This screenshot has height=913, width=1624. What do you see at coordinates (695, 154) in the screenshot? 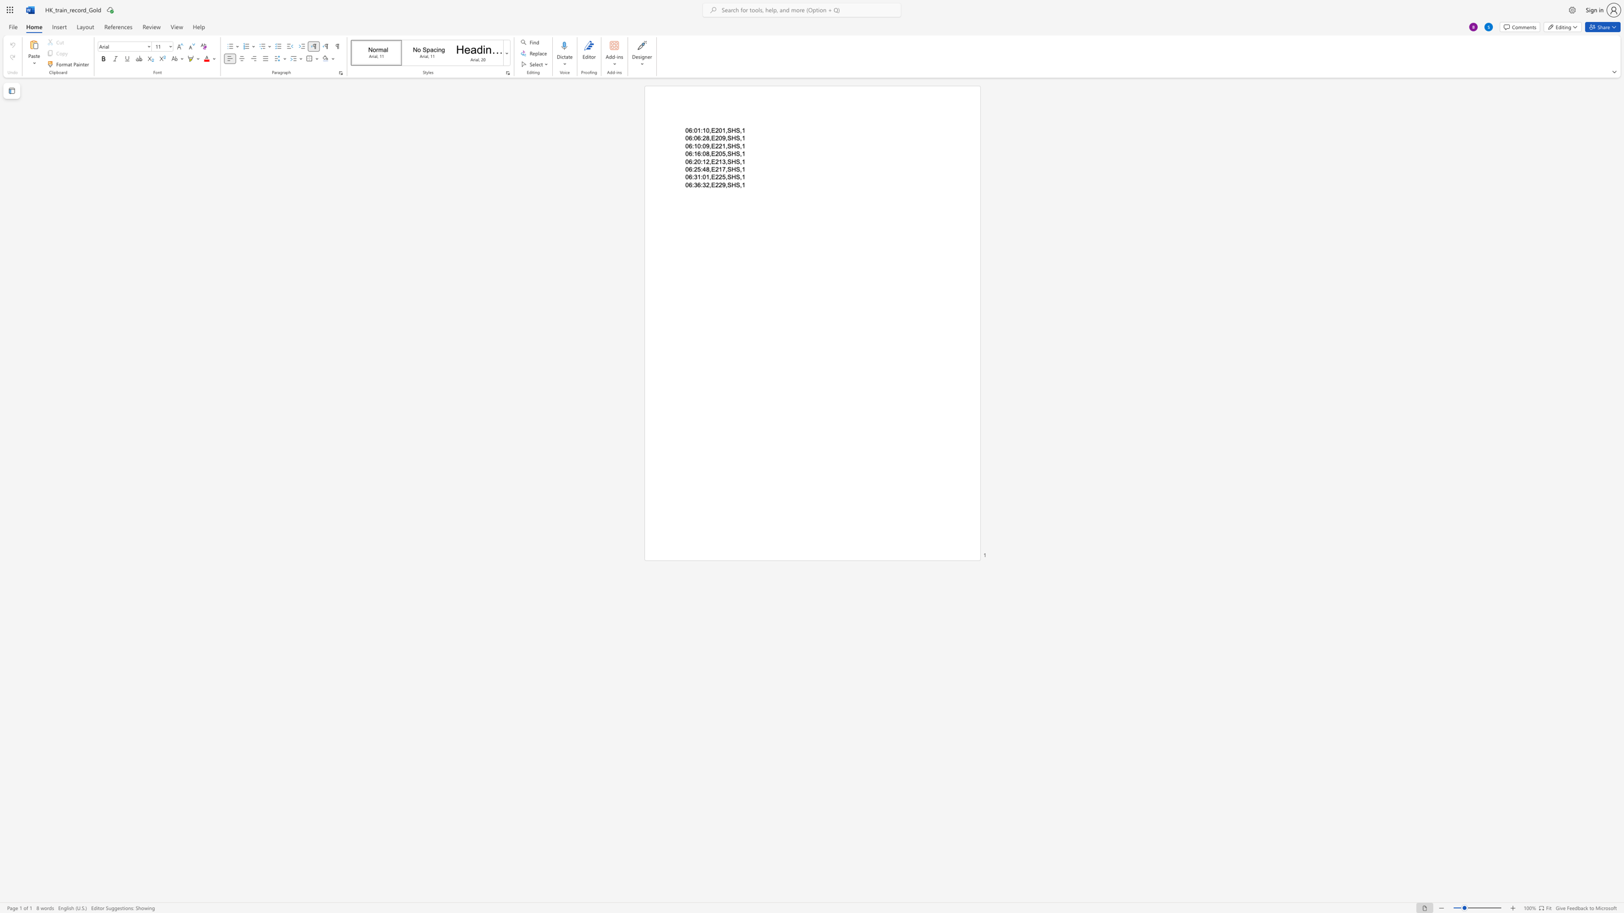
I see `the 1th character "1" in the text` at bounding box center [695, 154].